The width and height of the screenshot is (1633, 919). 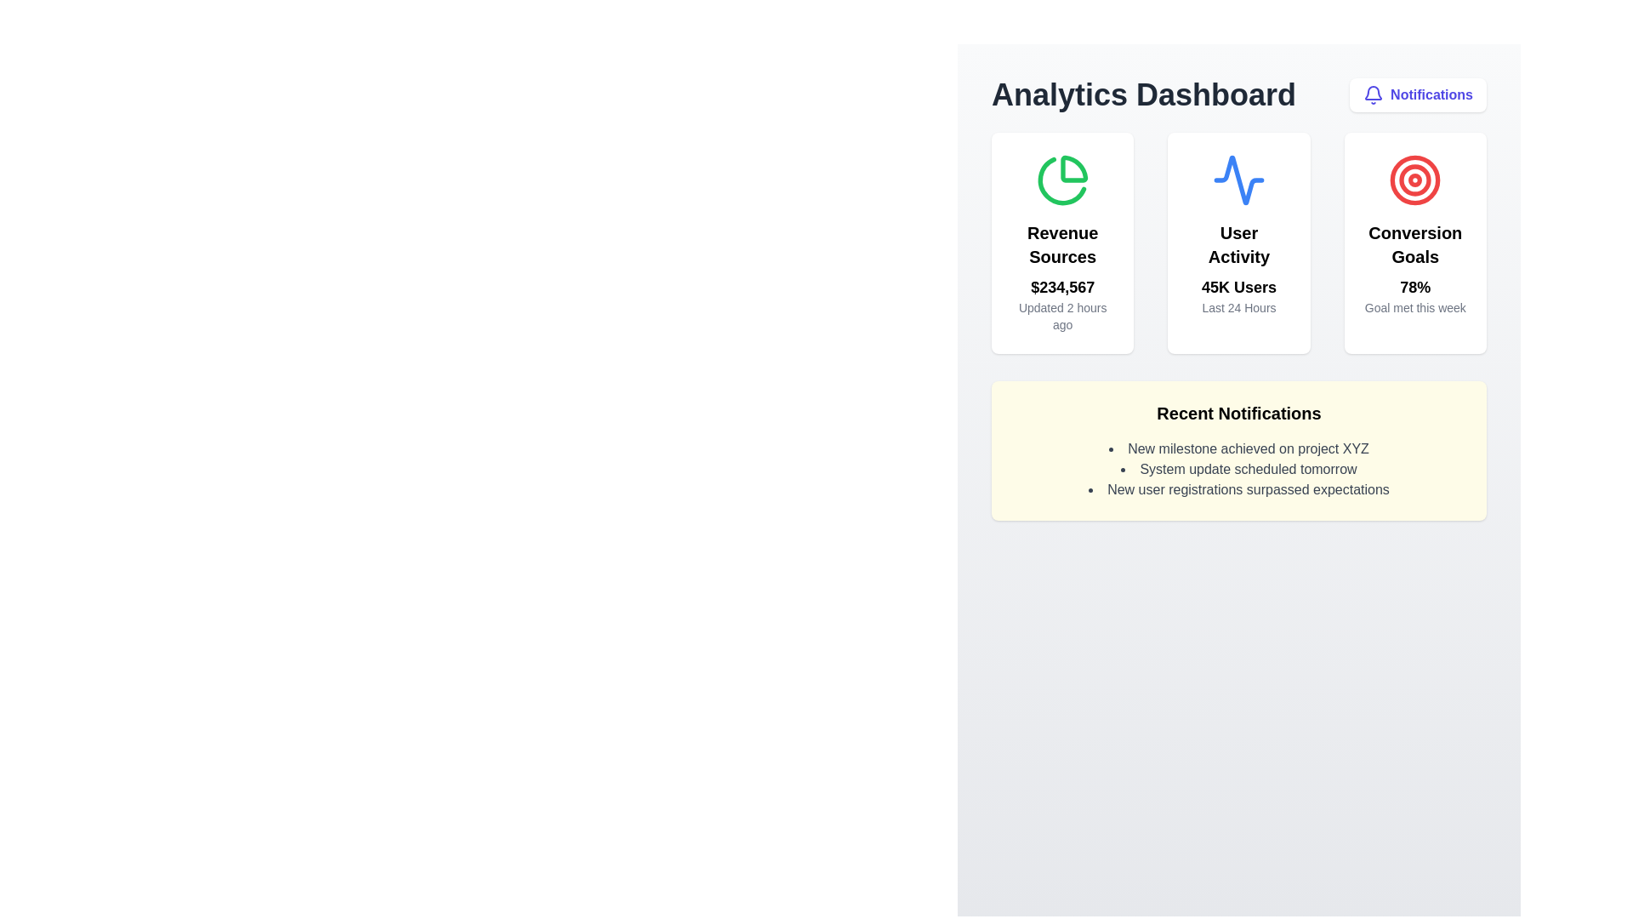 What do you see at coordinates (1061, 180) in the screenshot?
I see `the revenue-related metrics icon located at the top-center of the 'Revenue Sources' card in the 'Analytics Dashboard', positioned above the text 'Revenue Sources' and '$234,567'` at bounding box center [1061, 180].